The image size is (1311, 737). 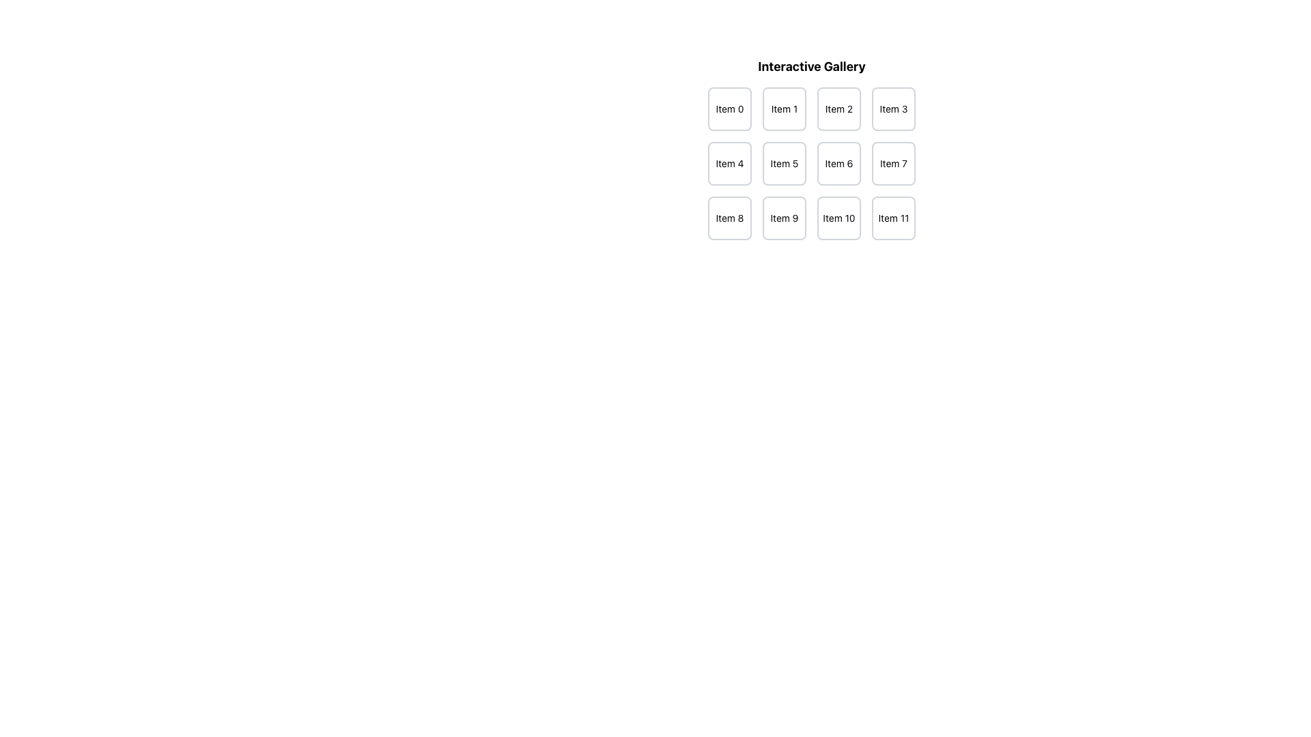 What do you see at coordinates (729, 108) in the screenshot?
I see `the button labeled 'Item 0' which is the first item in a grid of 12 cells, located at the top-left corner with a square shape and rounded corners` at bounding box center [729, 108].